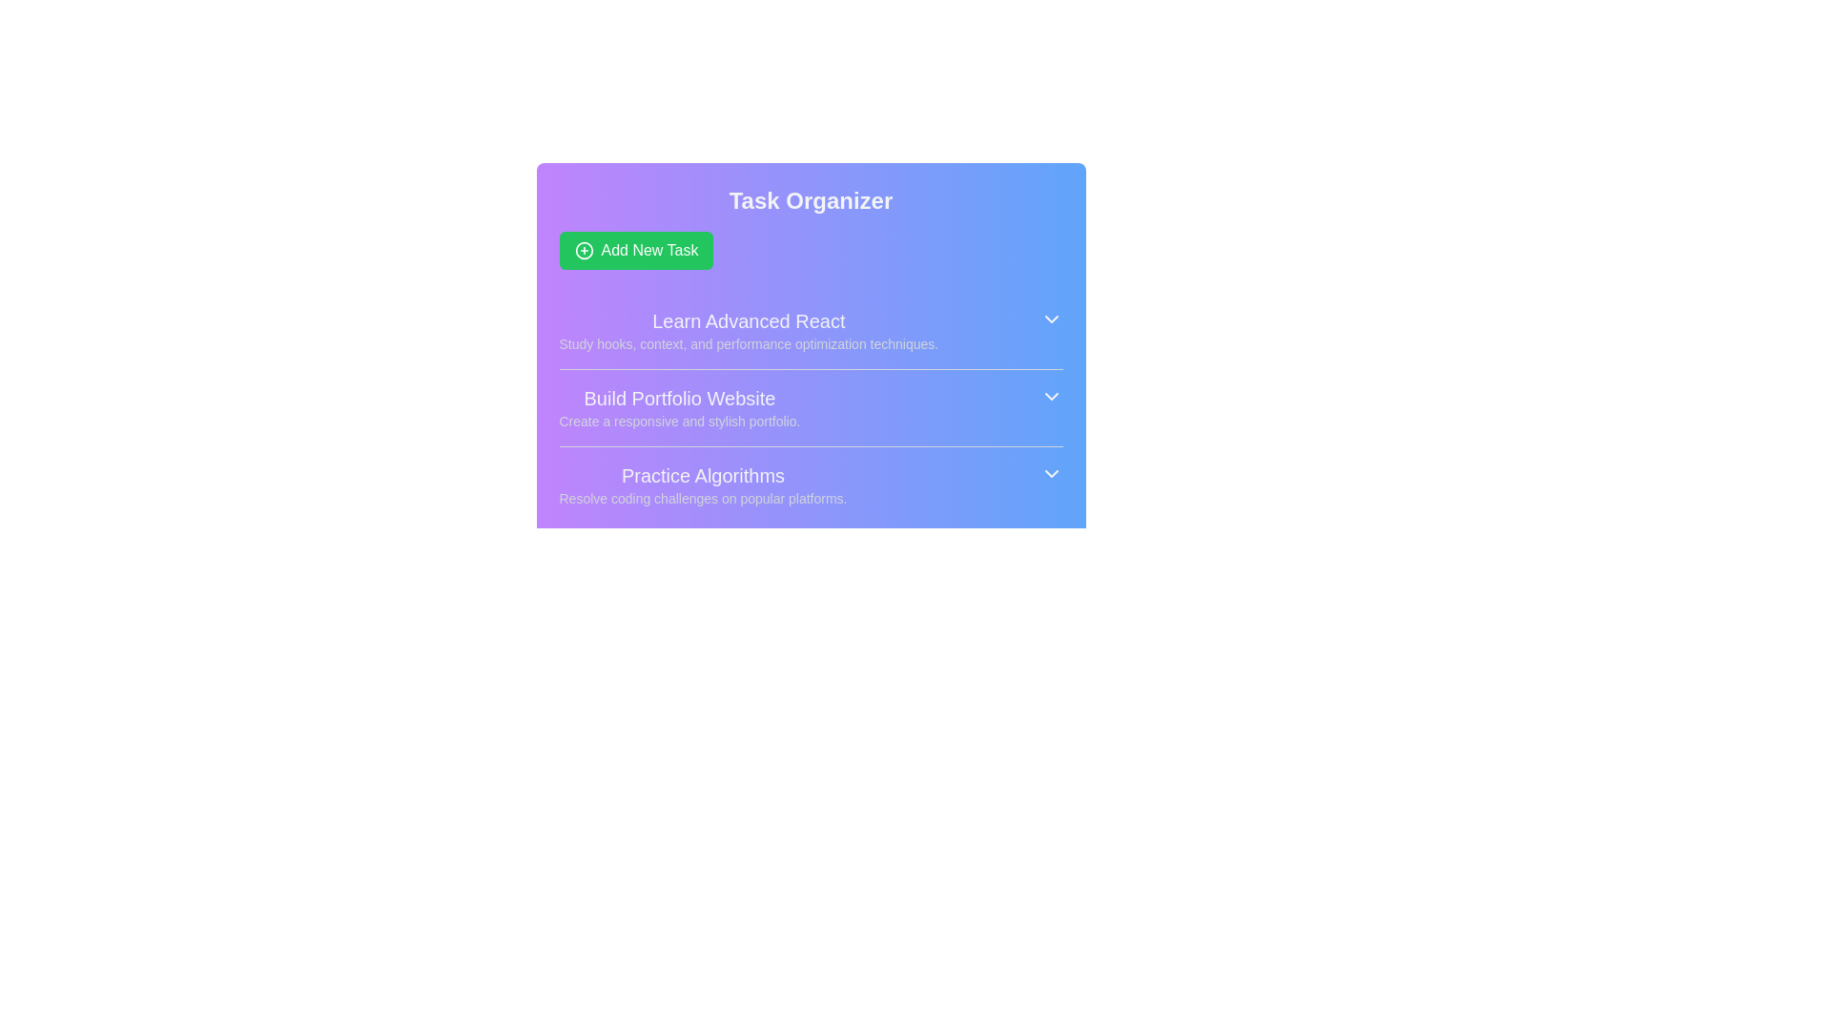  What do you see at coordinates (679, 421) in the screenshot?
I see `the descriptive subtext element located beneath the 'Build Portfolio Website' heading in the 'Task Organizer' section` at bounding box center [679, 421].